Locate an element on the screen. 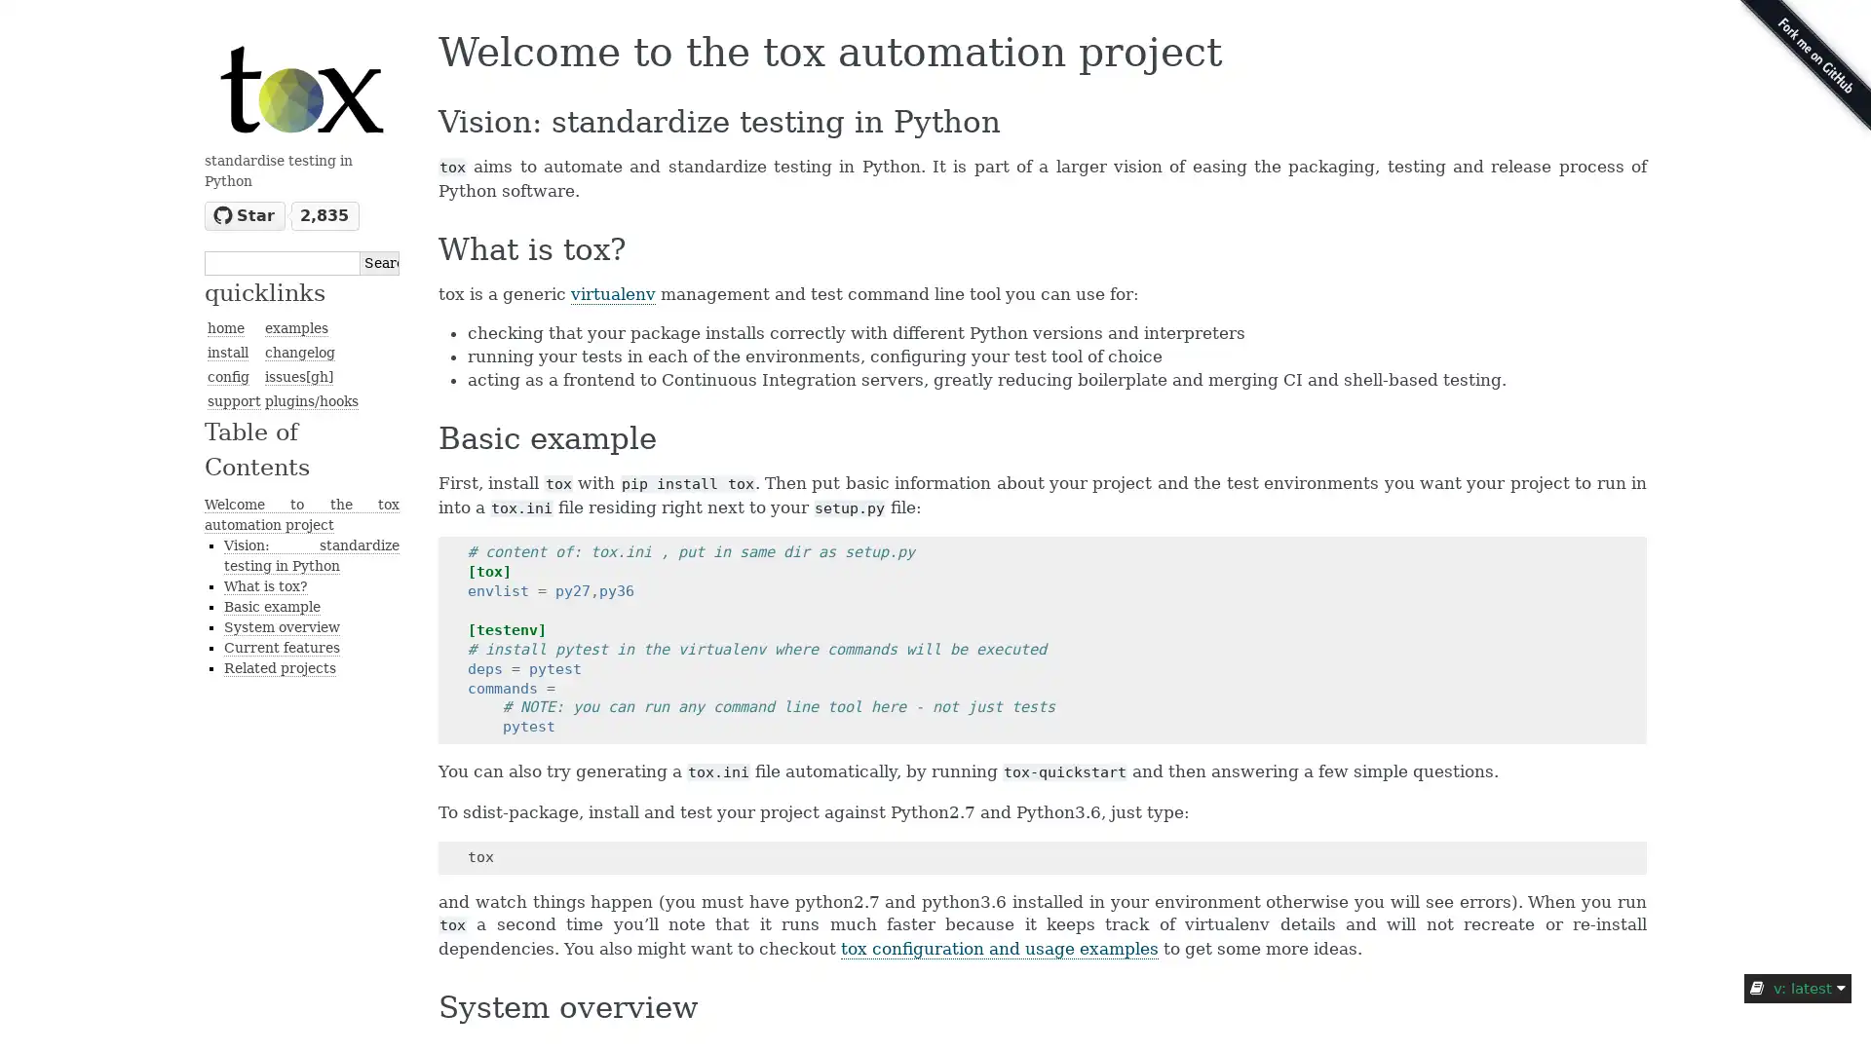 This screenshot has width=1871, height=1052. Search is located at coordinates (379, 261).